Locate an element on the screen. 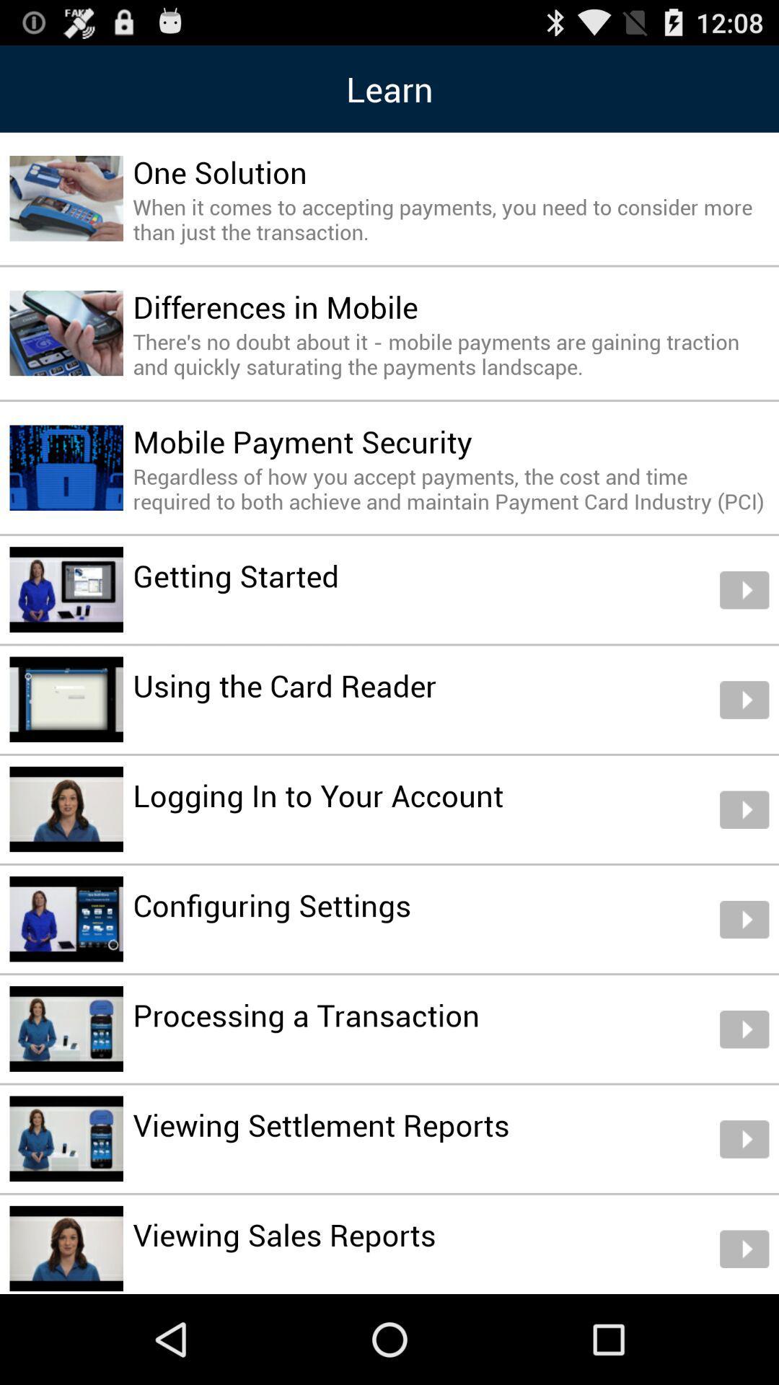 This screenshot has height=1385, width=779. the differences in mobile is located at coordinates (276, 306).